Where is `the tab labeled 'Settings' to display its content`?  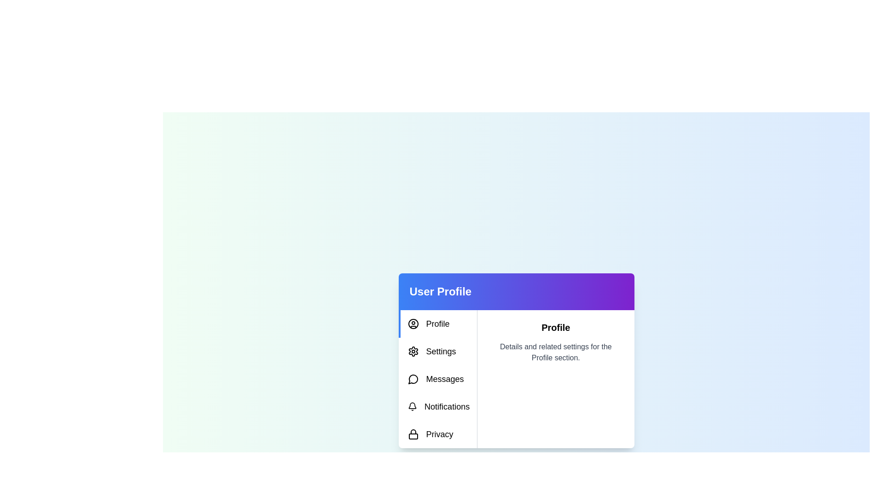 the tab labeled 'Settings' to display its content is located at coordinates (437, 351).